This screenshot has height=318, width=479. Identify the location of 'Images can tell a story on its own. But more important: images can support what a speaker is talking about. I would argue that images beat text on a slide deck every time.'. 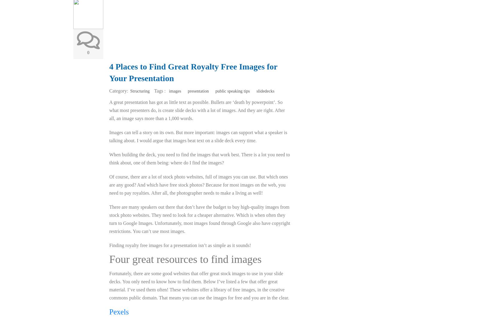
(198, 136).